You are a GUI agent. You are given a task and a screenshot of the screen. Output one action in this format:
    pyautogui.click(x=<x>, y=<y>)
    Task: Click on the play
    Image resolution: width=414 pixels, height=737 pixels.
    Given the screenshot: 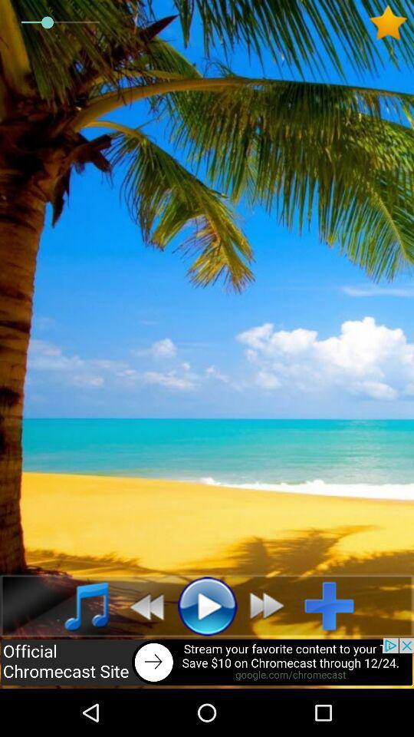 What is the action you would take?
    pyautogui.click(x=207, y=606)
    